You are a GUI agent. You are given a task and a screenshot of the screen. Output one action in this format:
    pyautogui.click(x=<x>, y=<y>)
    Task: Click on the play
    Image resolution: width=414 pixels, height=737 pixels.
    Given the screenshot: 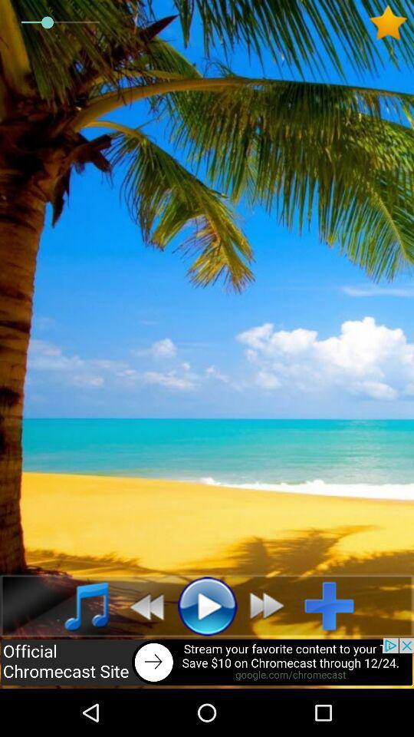 What is the action you would take?
    pyautogui.click(x=207, y=606)
    